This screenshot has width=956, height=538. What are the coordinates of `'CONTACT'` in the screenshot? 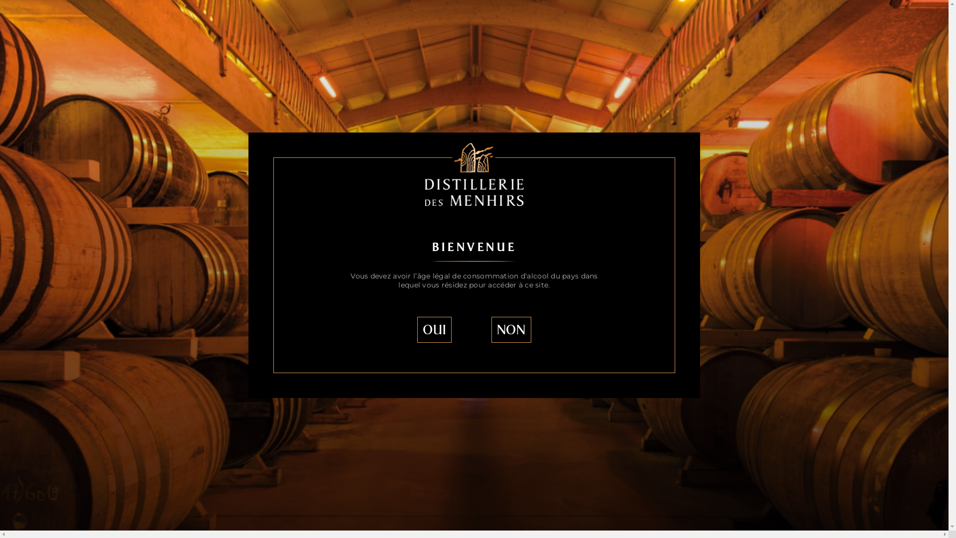 It's located at (680, 22).